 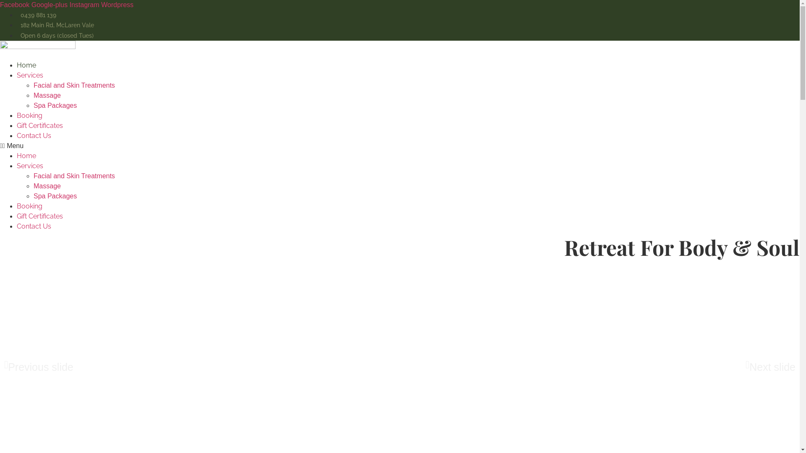 What do you see at coordinates (55, 25) in the screenshot?
I see `'182 Main Rd, McLaren Vale'` at bounding box center [55, 25].